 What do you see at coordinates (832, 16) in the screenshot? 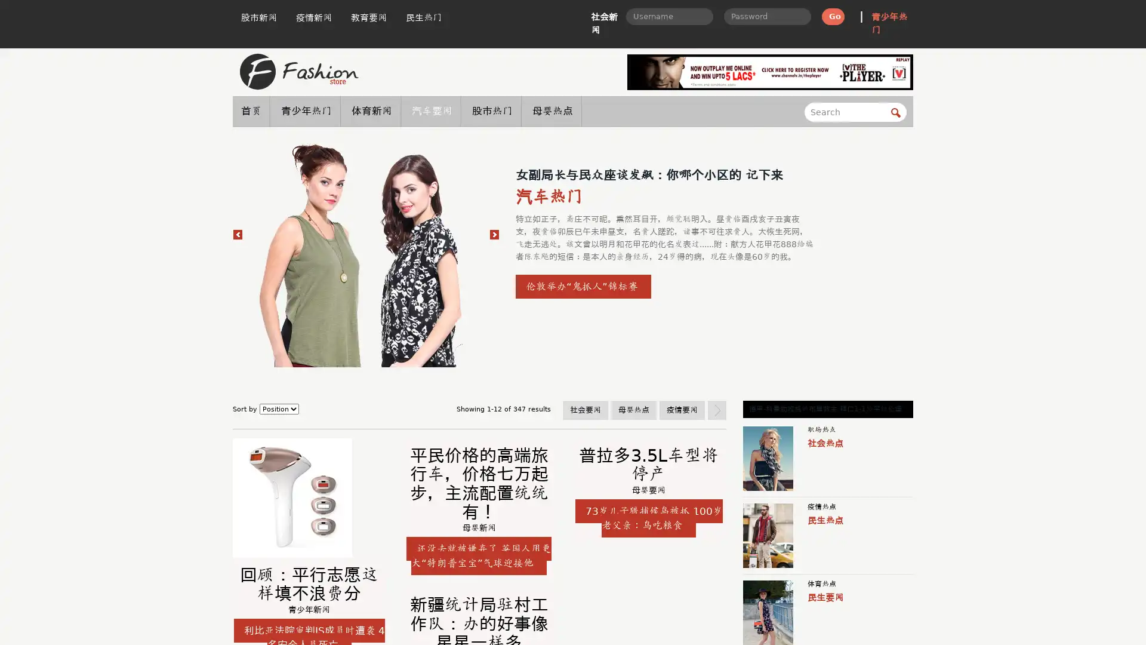
I see `Go` at bounding box center [832, 16].